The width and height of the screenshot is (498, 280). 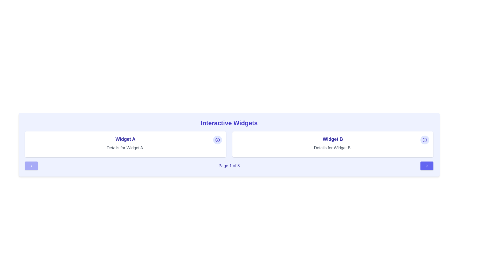 I want to click on the prominently styled text label 'Widget A' which is bold and indigo-colored, positioned above the description 'Details for Widget A' in a card-like layout, so click(x=125, y=139).